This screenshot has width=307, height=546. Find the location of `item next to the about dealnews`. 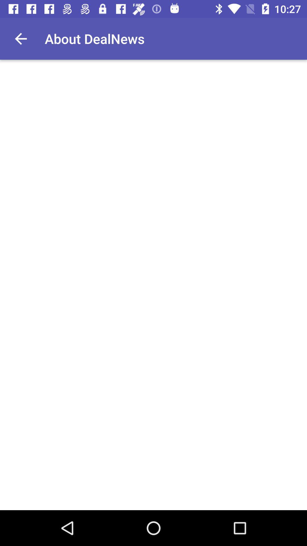

item next to the about dealnews is located at coordinates (20, 38).